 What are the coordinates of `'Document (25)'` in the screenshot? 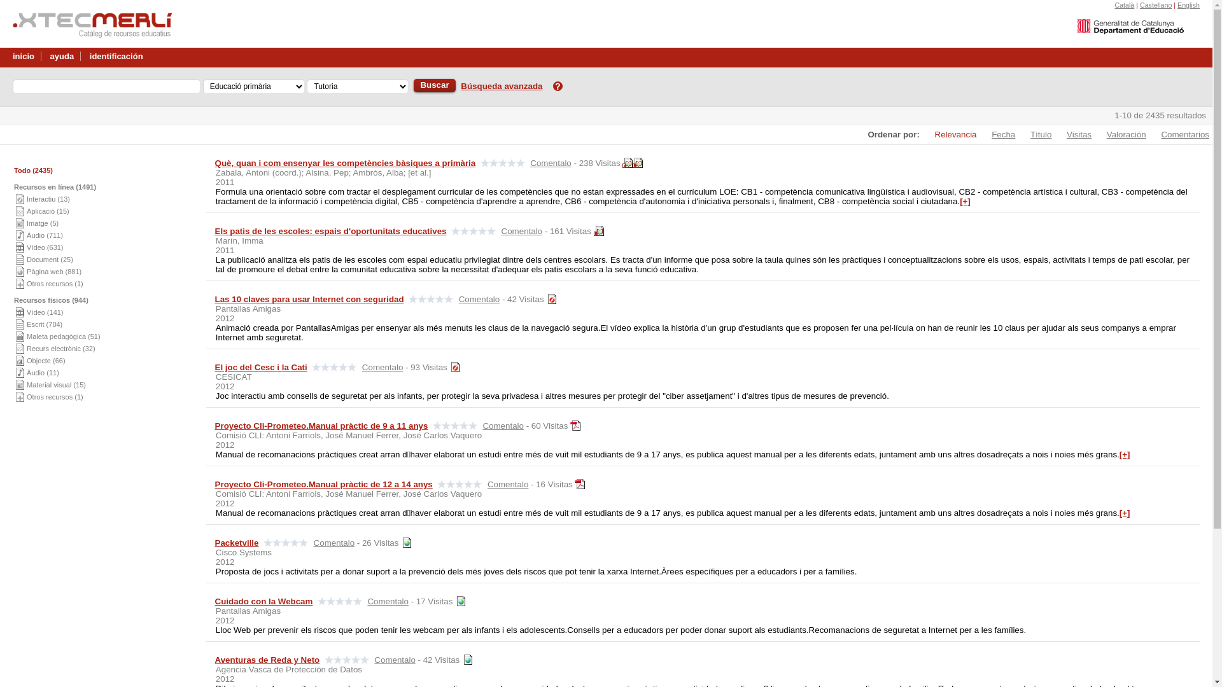 It's located at (50, 259).